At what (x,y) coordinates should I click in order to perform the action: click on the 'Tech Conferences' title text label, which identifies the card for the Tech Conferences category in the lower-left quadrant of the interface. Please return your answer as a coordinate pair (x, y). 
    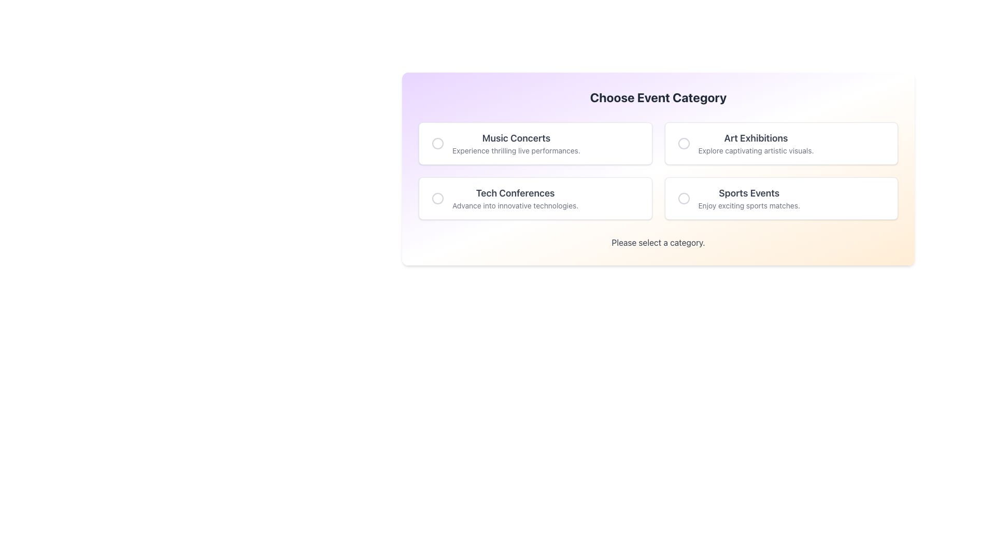
    Looking at the image, I should click on (515, 193).